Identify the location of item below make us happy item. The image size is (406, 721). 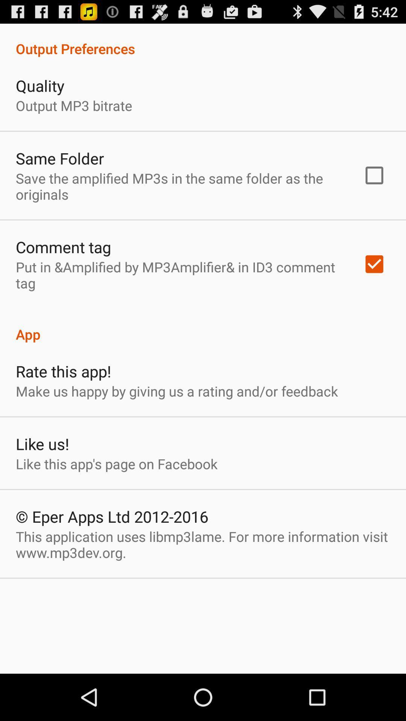
(42, 443).